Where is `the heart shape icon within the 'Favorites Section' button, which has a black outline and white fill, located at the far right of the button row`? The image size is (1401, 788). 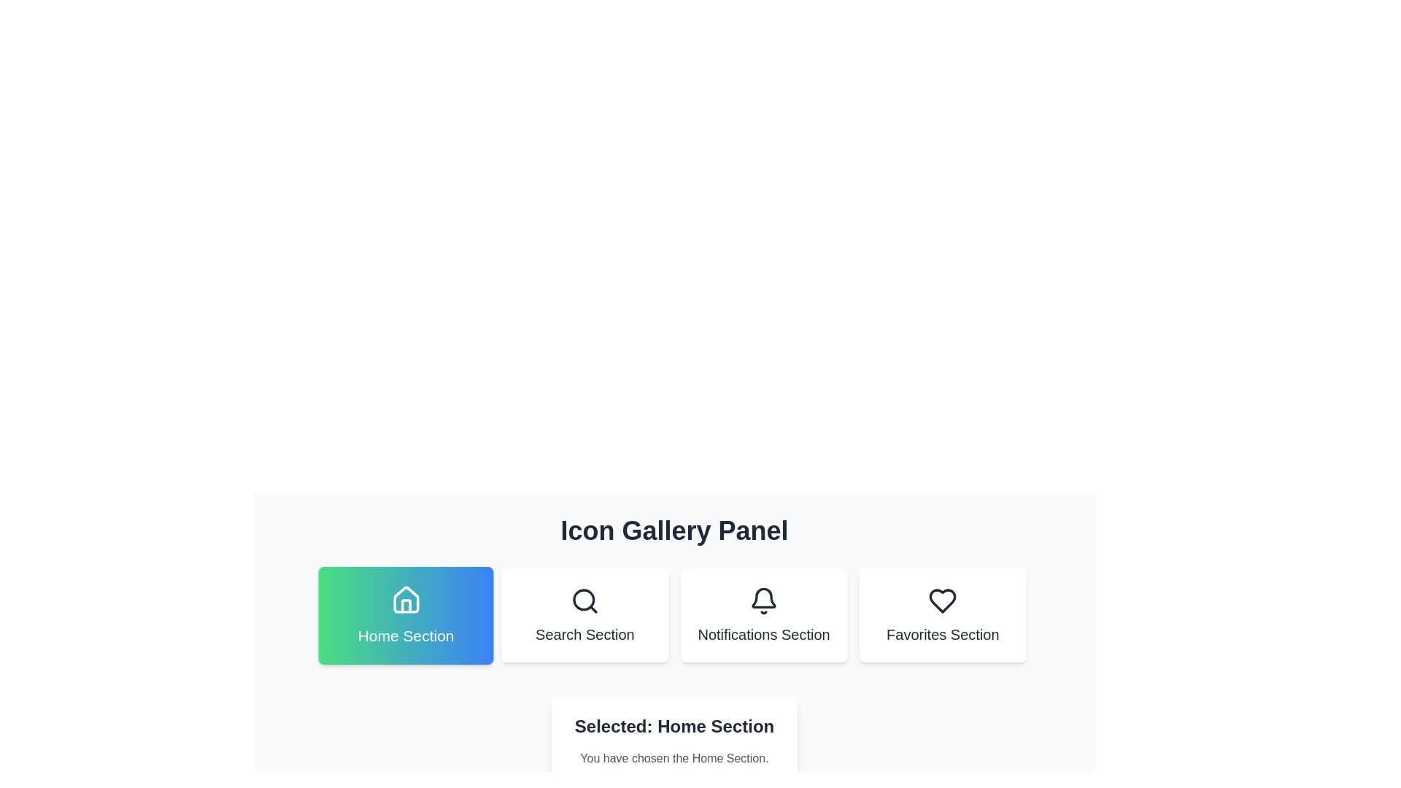 the heart shape icon within the 'Favorites Section' button, which has a black outline and white fill, located at the far right of the button row is located at coordinates (943, 601).